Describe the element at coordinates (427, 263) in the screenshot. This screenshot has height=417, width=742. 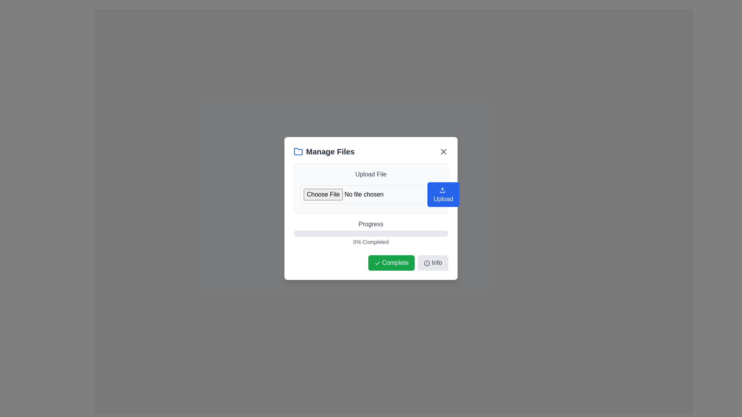
I see `the circular SVG element with a dark outline that is part of the information icon in the 'Manage Files' dialog box` at that location.